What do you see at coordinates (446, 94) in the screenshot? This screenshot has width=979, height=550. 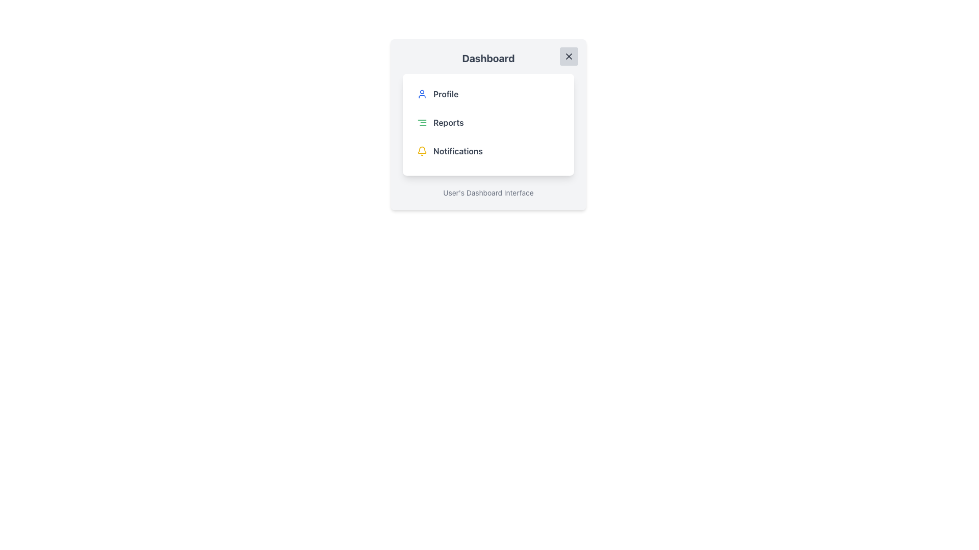 I see `the 'Profile' text label in the menu list` at bounding box center [446, 94].